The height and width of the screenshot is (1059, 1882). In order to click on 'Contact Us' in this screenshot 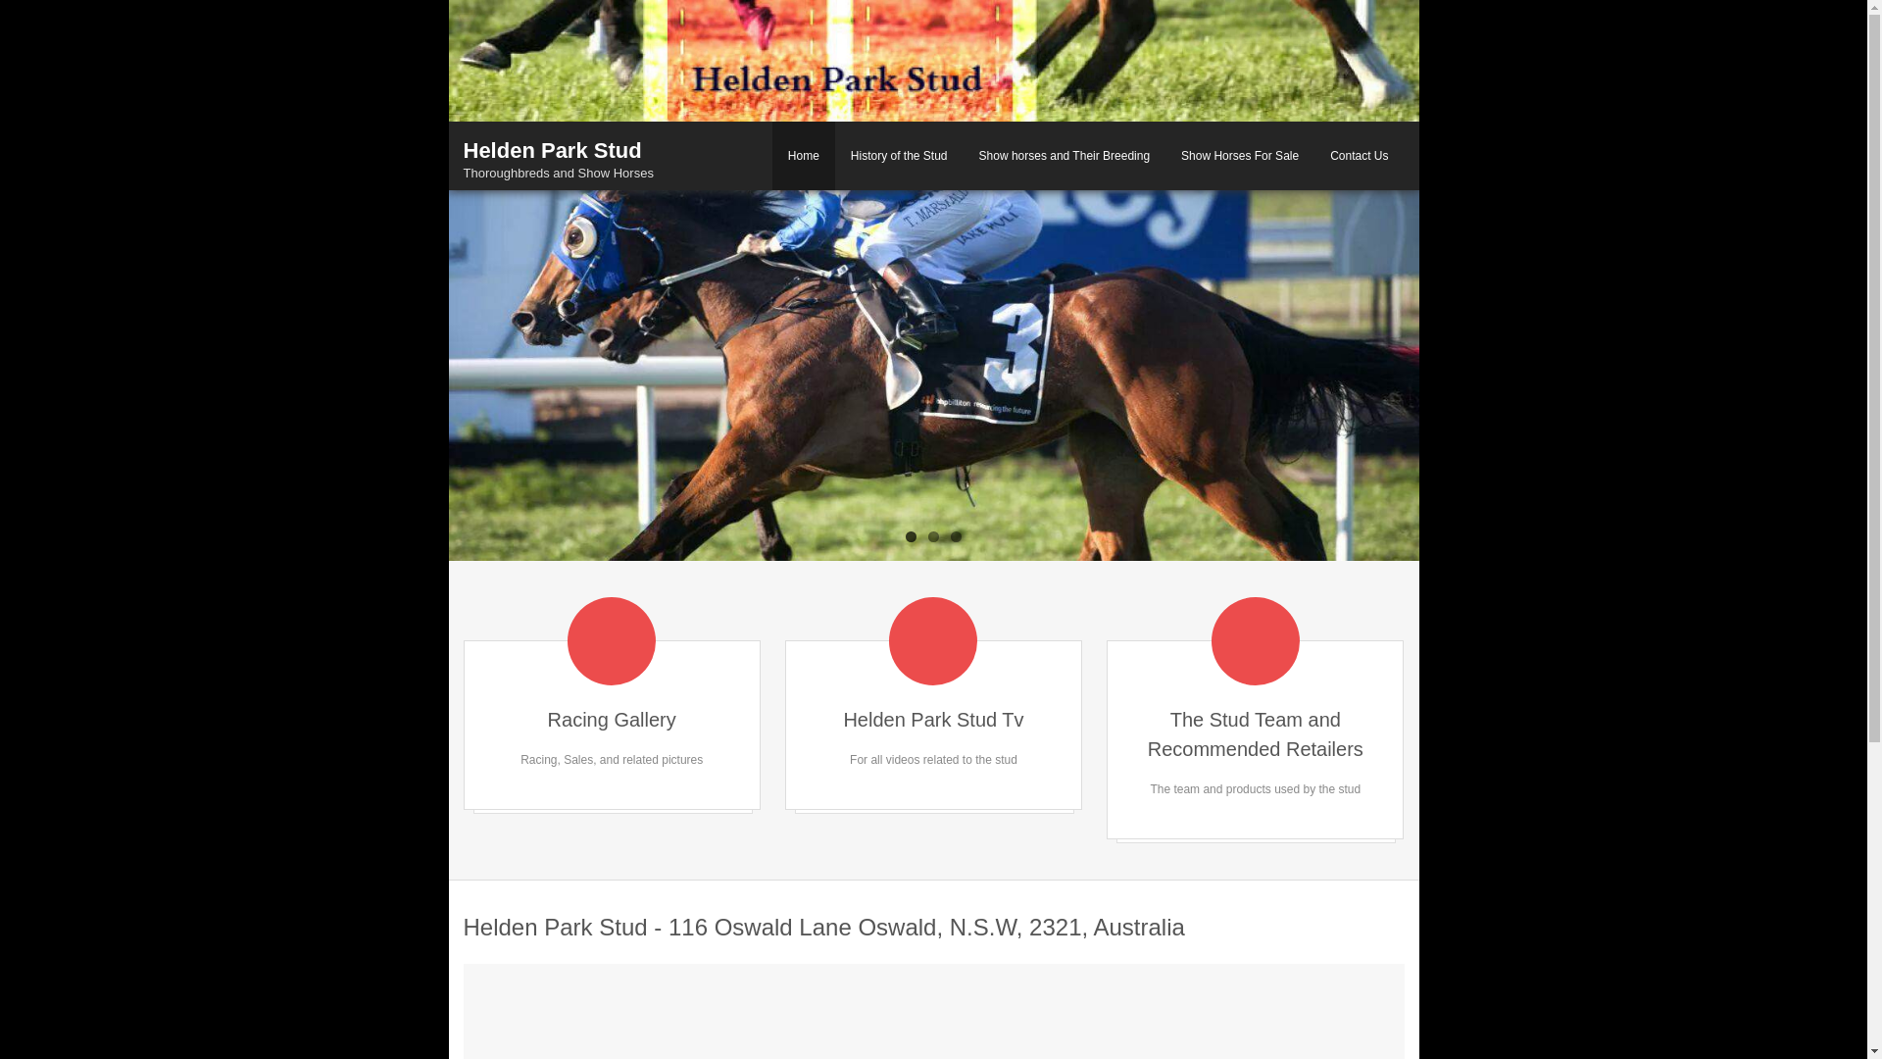, I will do `click(1358, 154)`.